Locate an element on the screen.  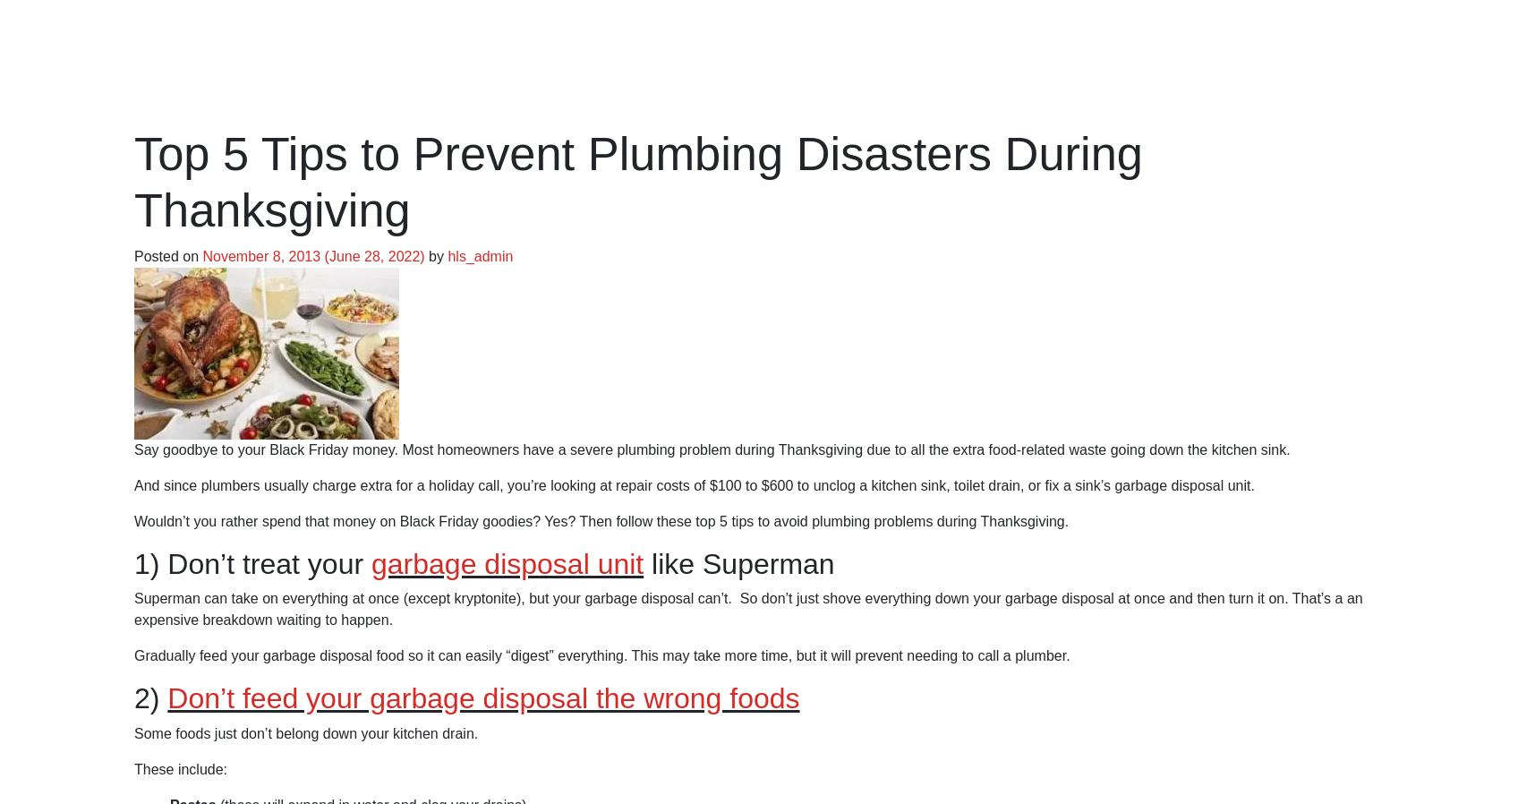
'If you run across a plumbing problem this Thanksgiving, give us a call at' is located at coordinates (363, 372).